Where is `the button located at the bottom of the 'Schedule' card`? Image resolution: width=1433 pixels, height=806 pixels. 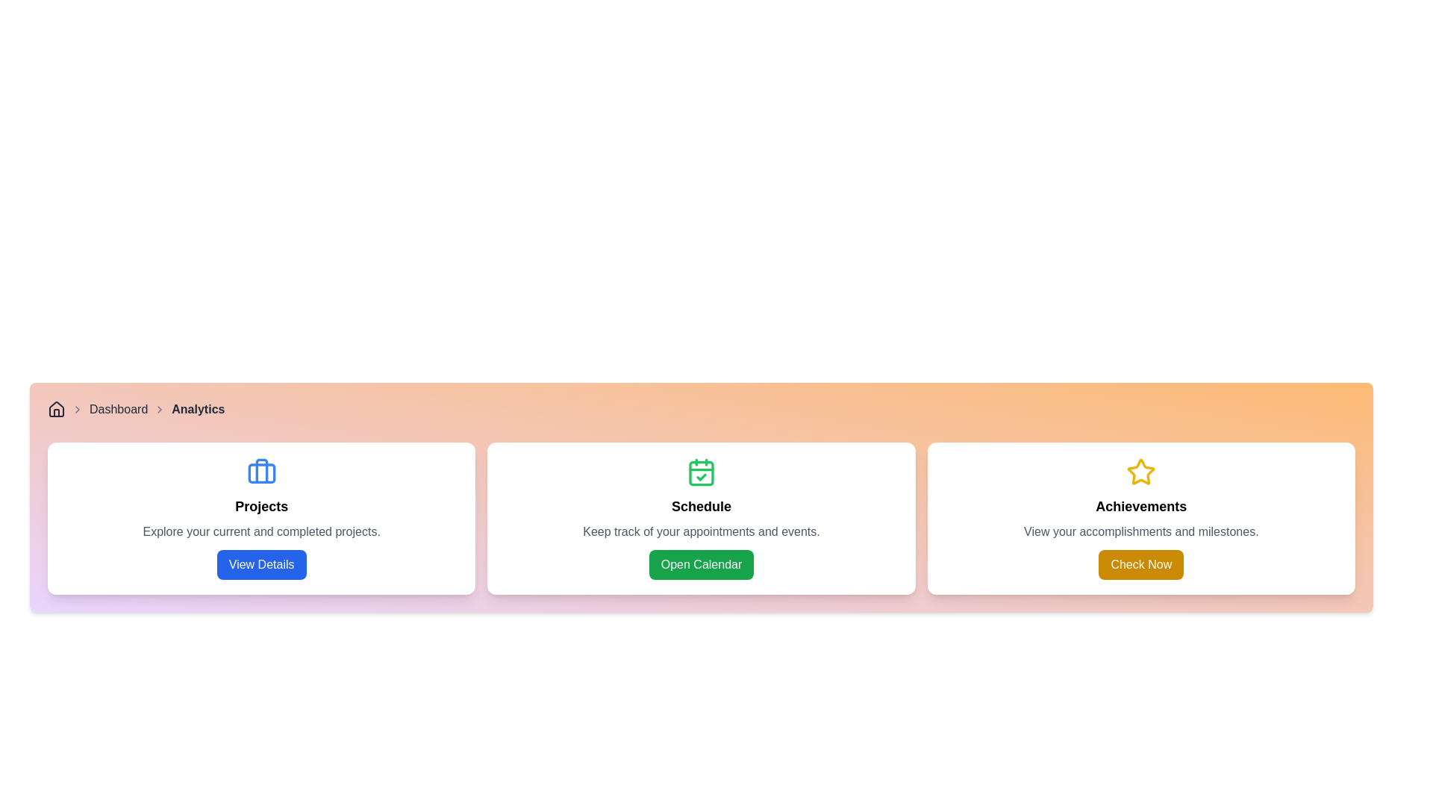 the button located at the bottom of the 'Schedule' card is located at coordinates (701, 564).